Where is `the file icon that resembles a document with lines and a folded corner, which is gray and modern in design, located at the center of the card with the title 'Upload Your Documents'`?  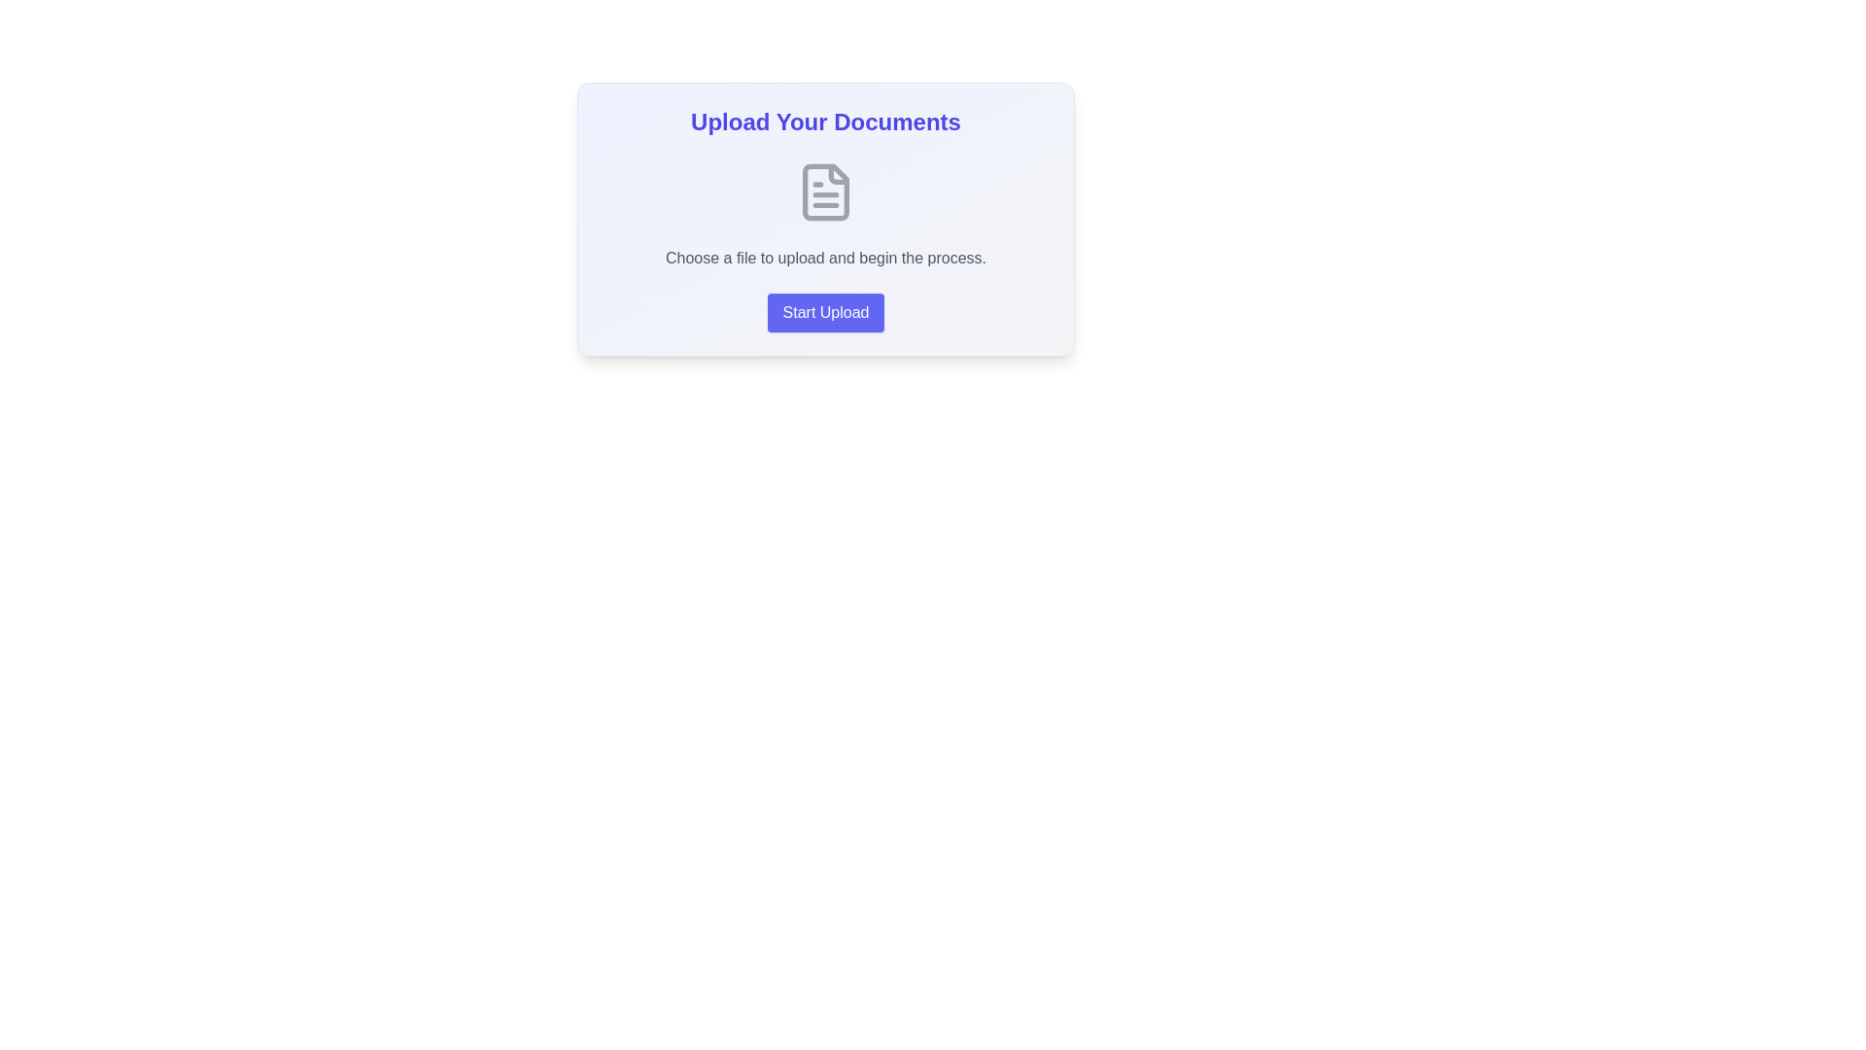
the file icon that resembles a document with lines and a folded corner, which is gray and modern in design, located at the center of the card with the title 'Upload Your Documents' is located at coordinates (825, 192).